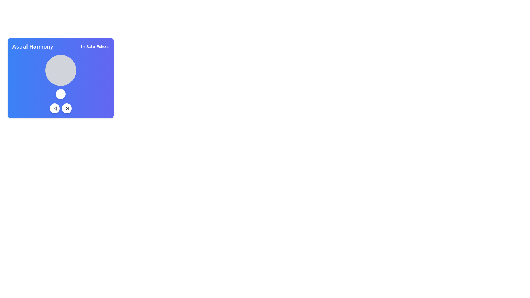 This screenshot has width=530, height=298. What do you see at coordinates (95, 46) in the screenshot?
I see `the text label displaying the author's name, which is located at the top-right edge of the content card, adjacent to the main title 'Astral Harmony'` at bounding box center [95, 46].